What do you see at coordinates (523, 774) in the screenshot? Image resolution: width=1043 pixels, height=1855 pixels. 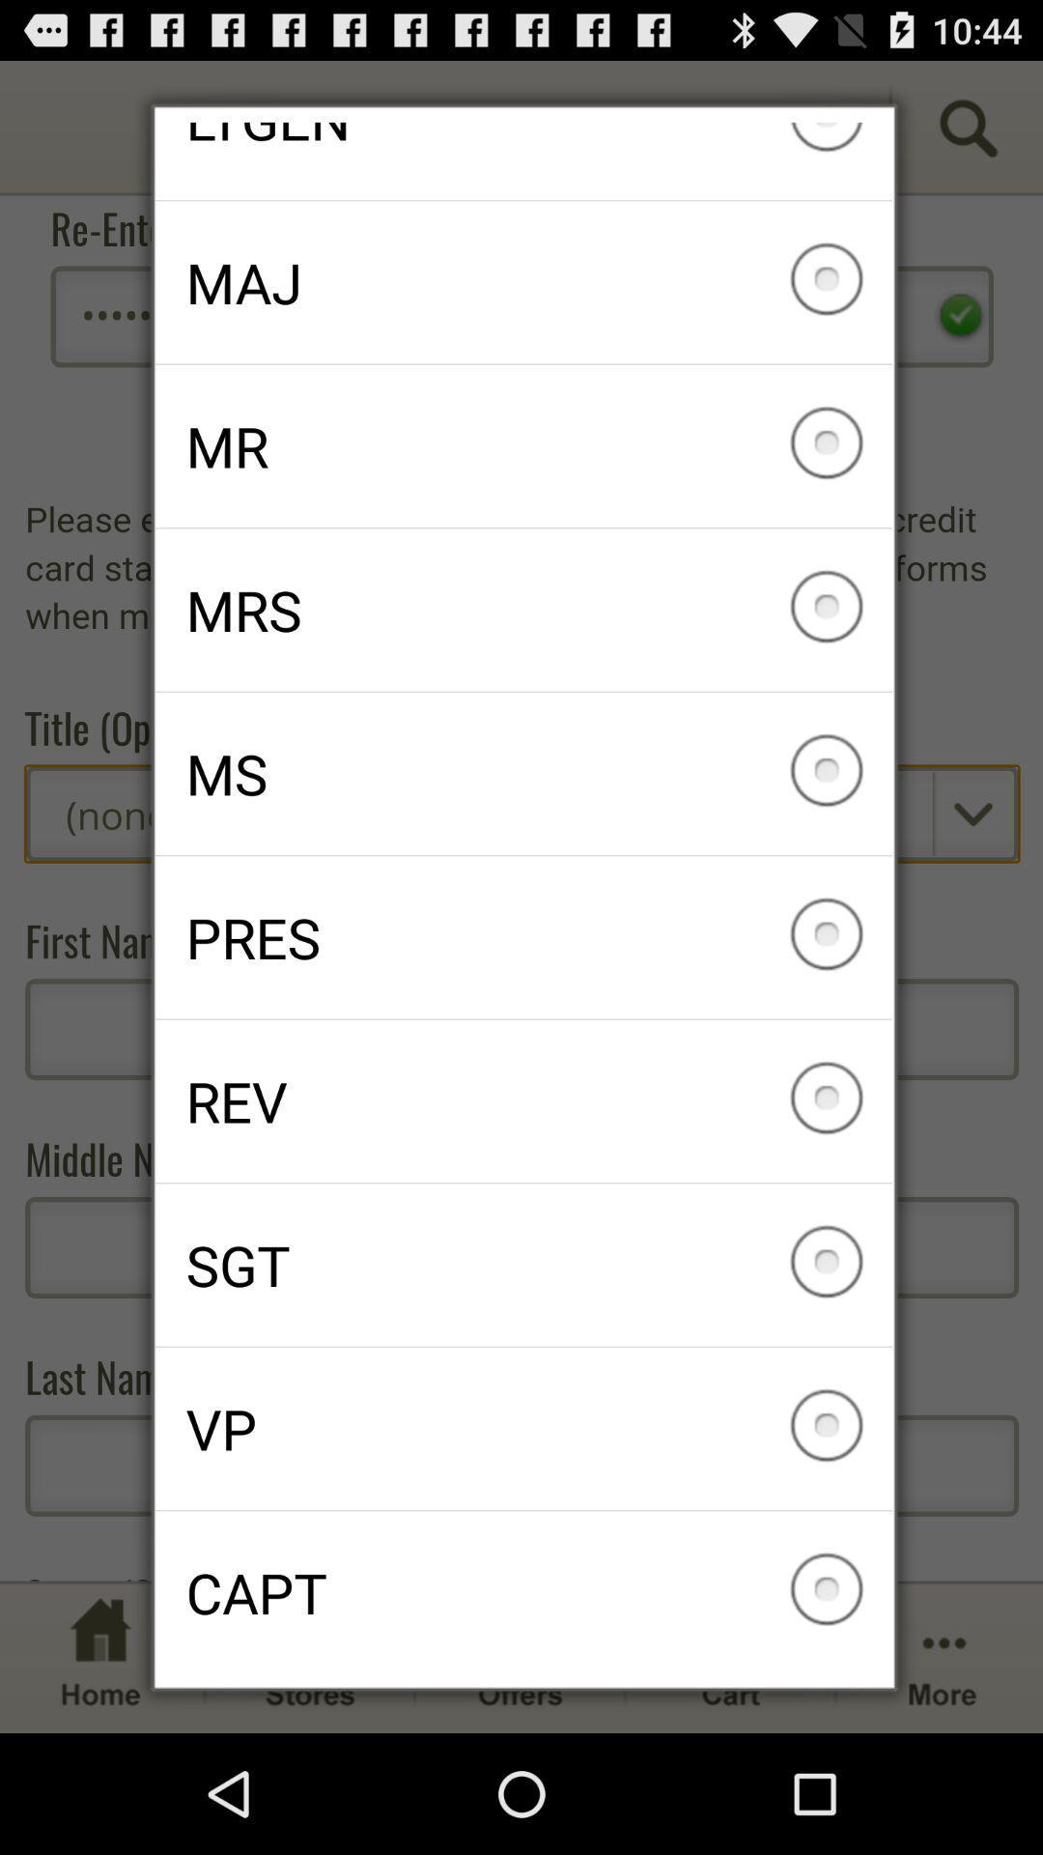 I see `item above the pres icon` at bounding box center [523, 774].